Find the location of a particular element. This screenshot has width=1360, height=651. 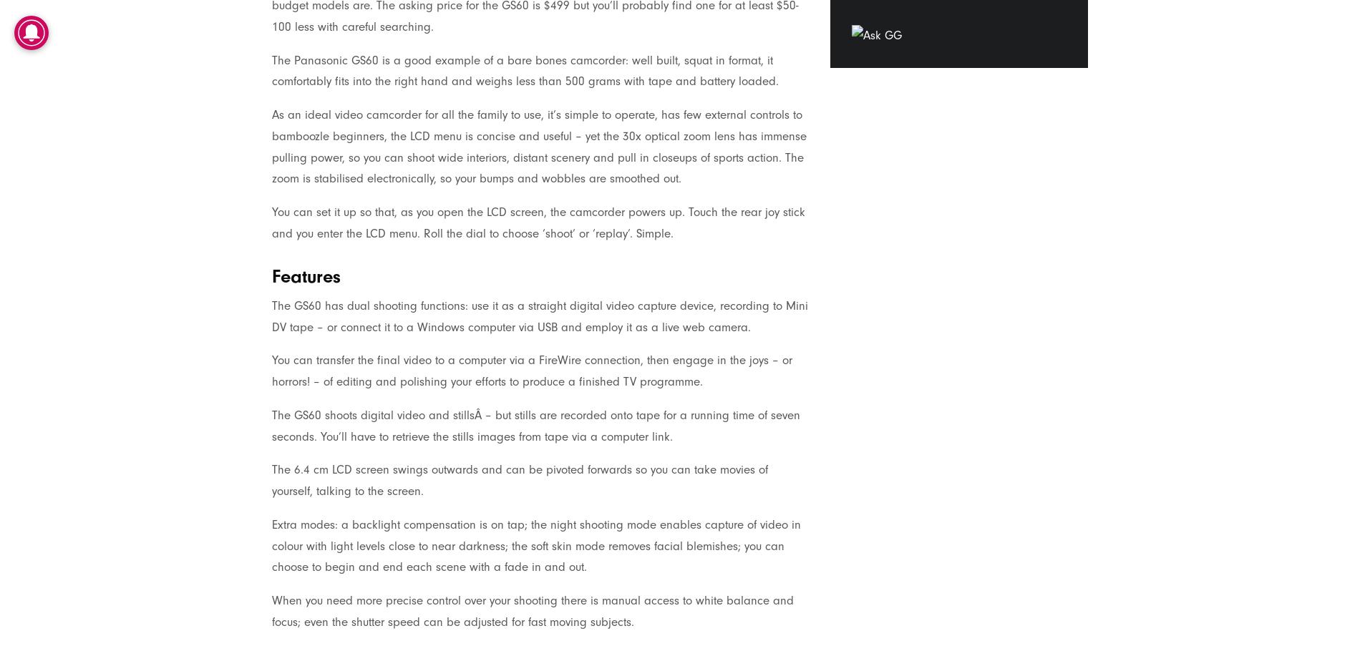

'You can transfer the final video to a computer via a FireWire connection, then engage in the joys – or horrors! – of editing and polishing your efforts to produce a finished TV programme.' is located at coordinates (531, 371).